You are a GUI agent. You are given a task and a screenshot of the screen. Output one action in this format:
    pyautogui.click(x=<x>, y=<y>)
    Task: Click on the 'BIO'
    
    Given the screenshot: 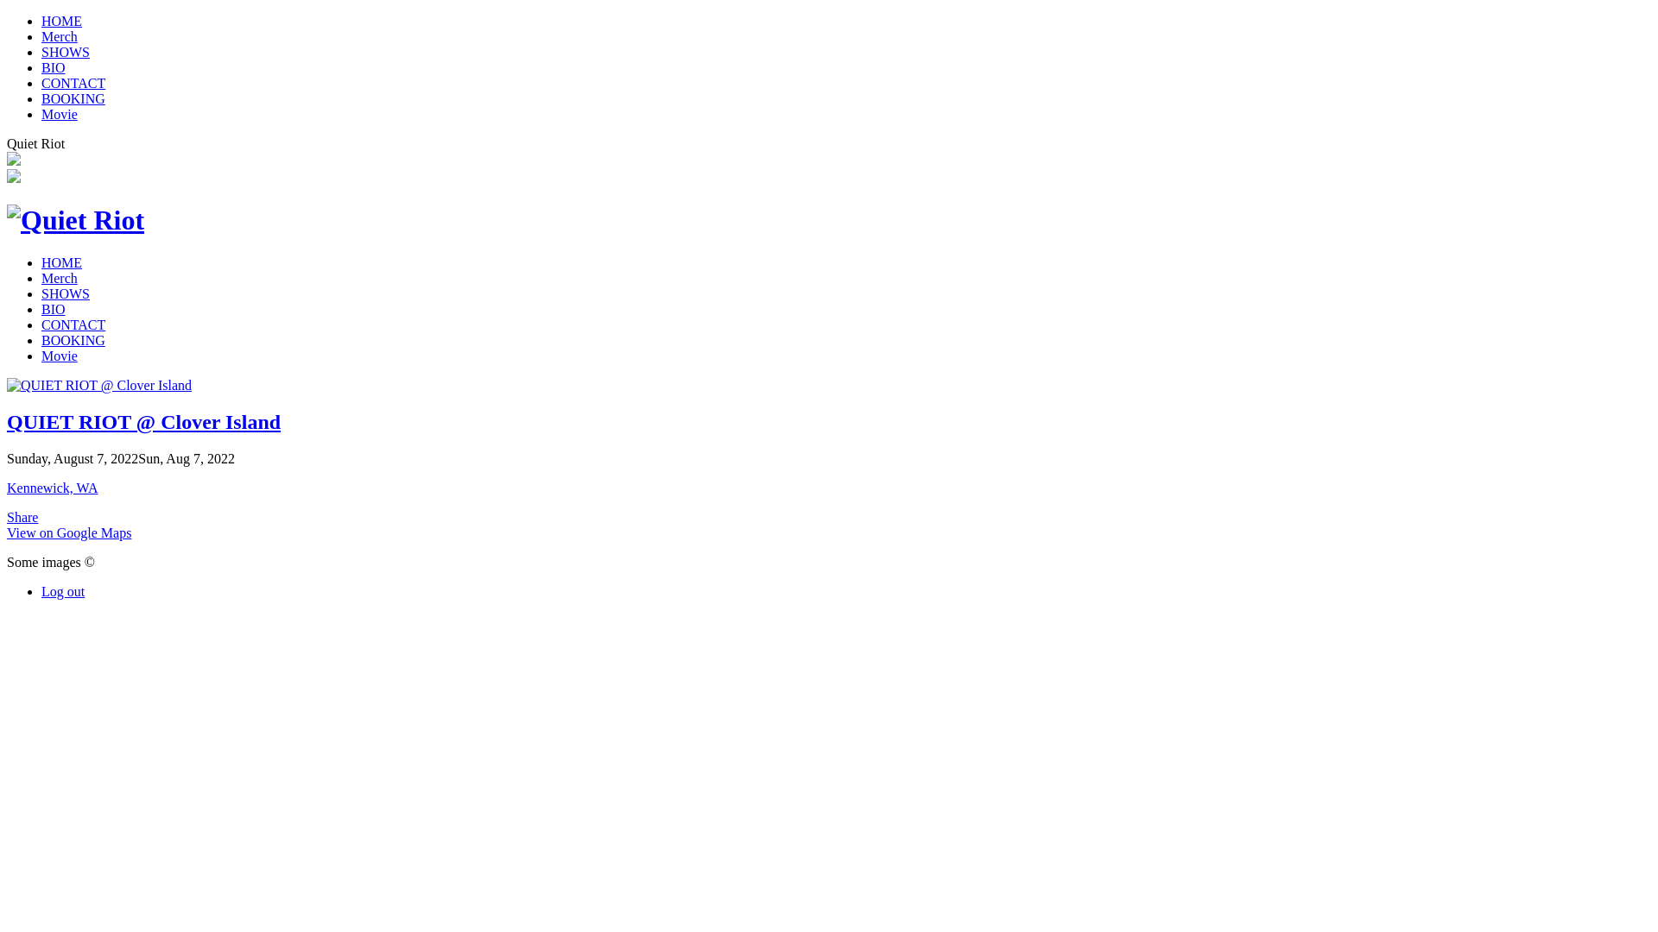 What is the action you would take?
    pyautogui.click(x=54, y=308)
    